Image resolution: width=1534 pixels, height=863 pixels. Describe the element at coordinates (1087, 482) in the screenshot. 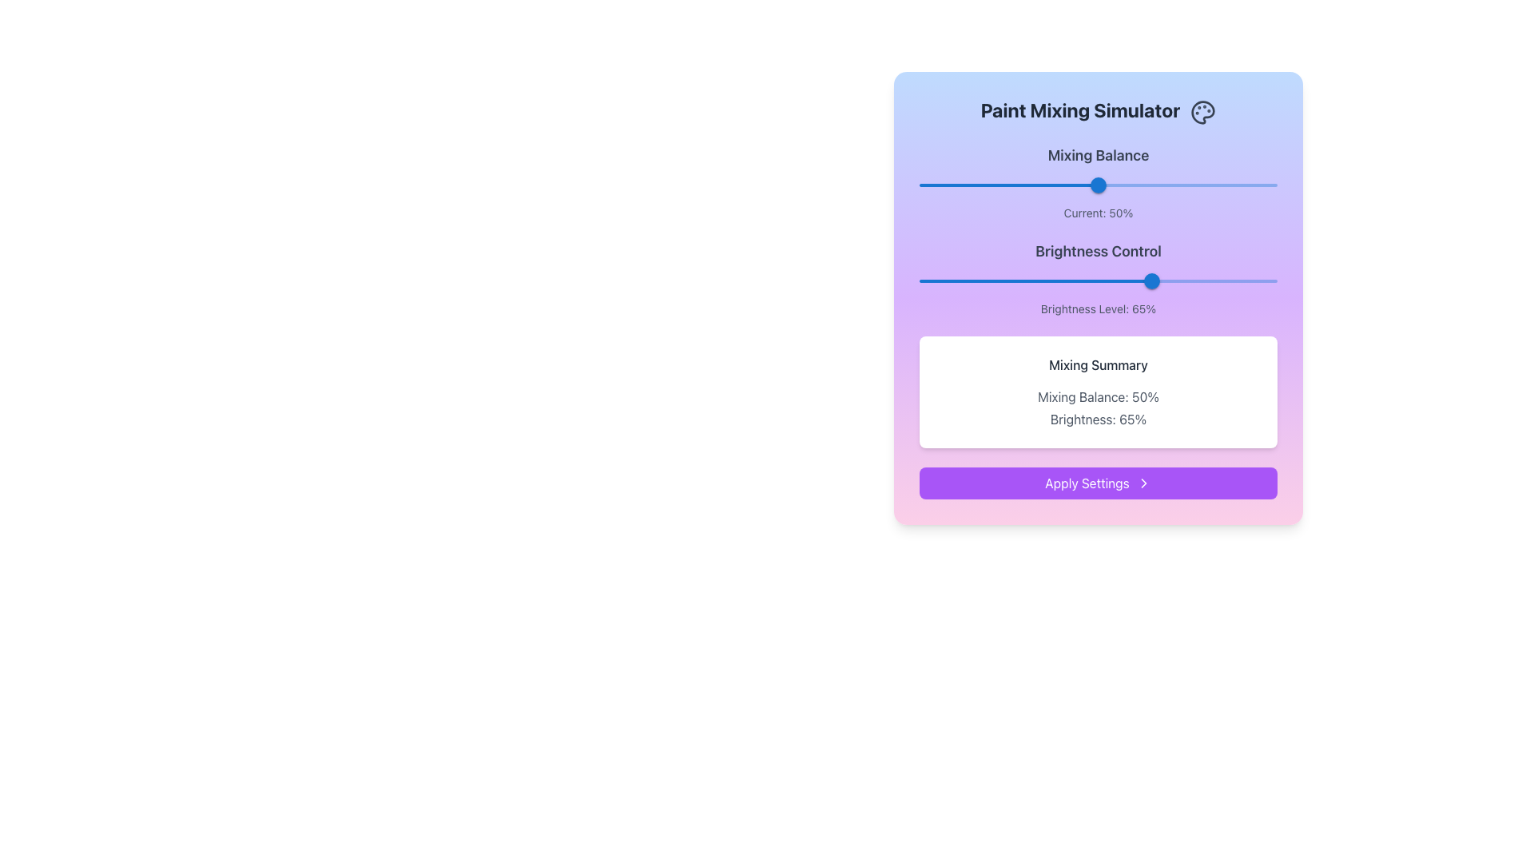

I see `the text label located within the button at the center-bottom of the 'Paint Mixing Simulator' panel to interact with the button` at that location.